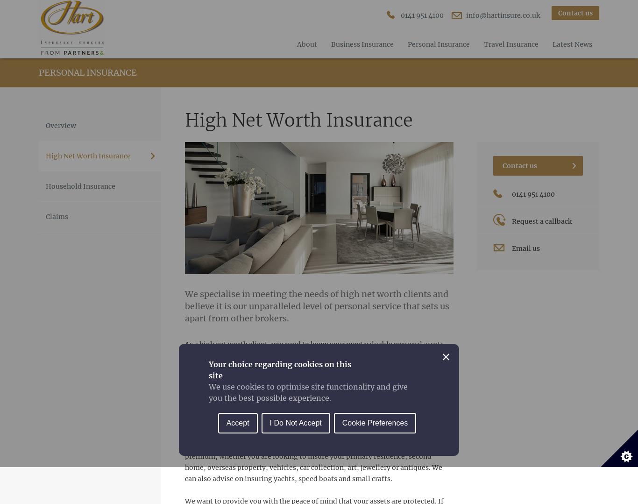 The width and height of the screenshot is (638, 504). What do you see at coordinates (572, 43) in the screenshot?
I see `'Latest News'` at bounding box center [572, 43].